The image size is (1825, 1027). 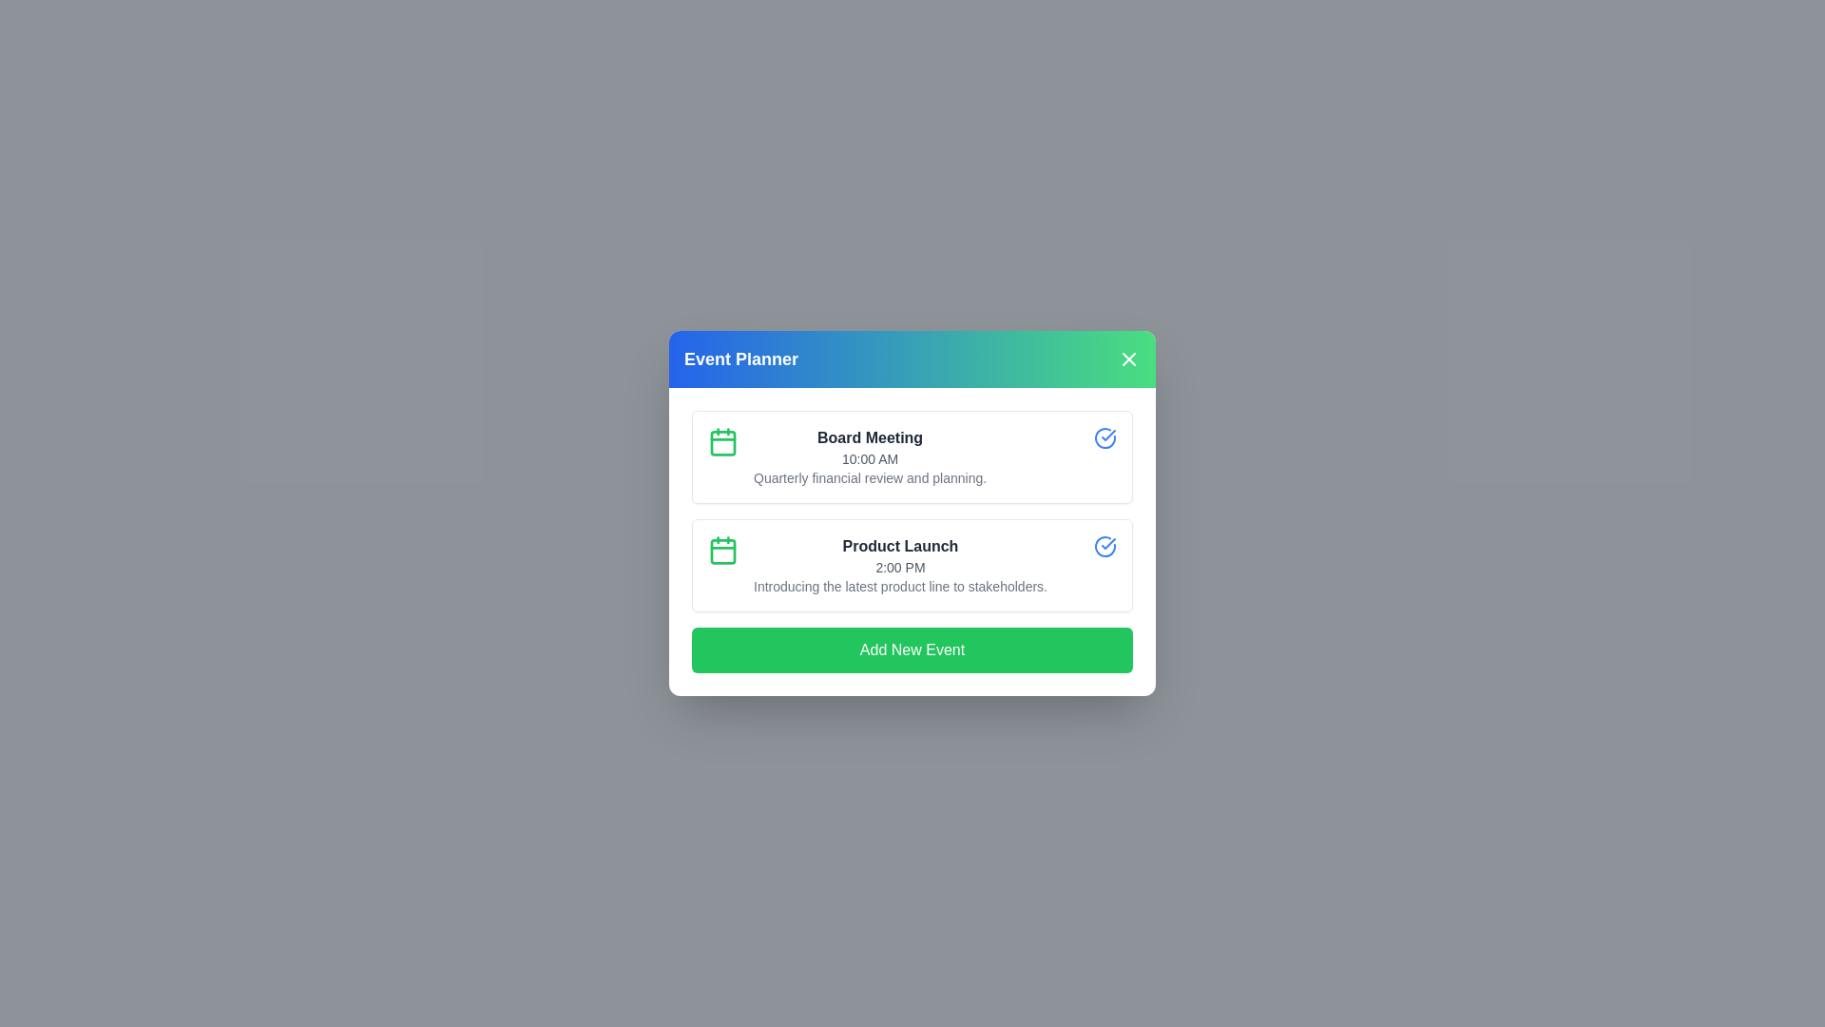 I want to click on static text label that describes the event 'Board Meeting' and provides details about 'Quarterly financial review and planning.' This label is the third line of text in the event entry within the 'Event Planner' panel, so click(x=869, y=476).